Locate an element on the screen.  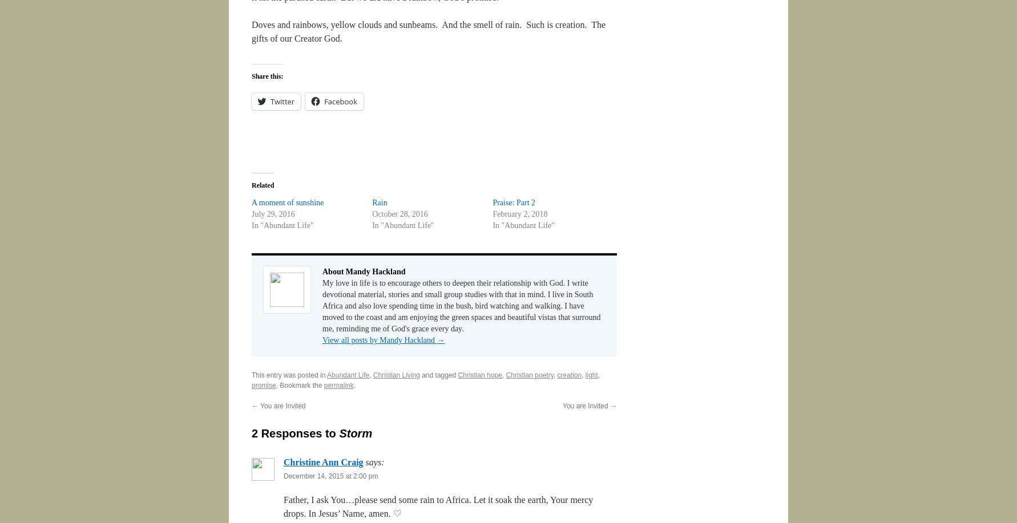
'.' is located at coordinates (354, 386).